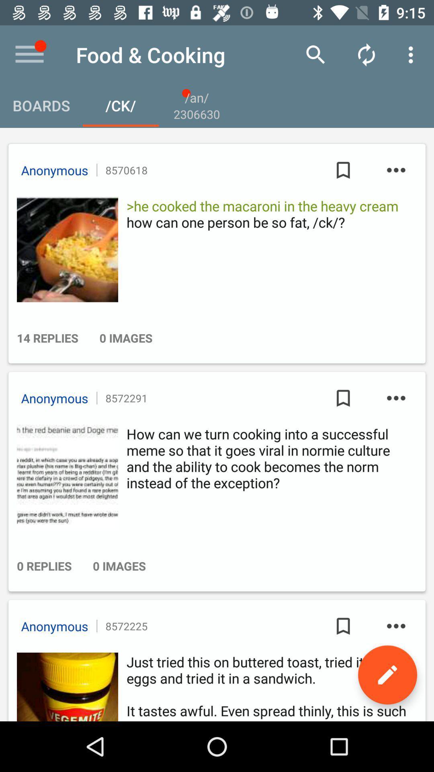  I want to click on food image, so click(65, 249).